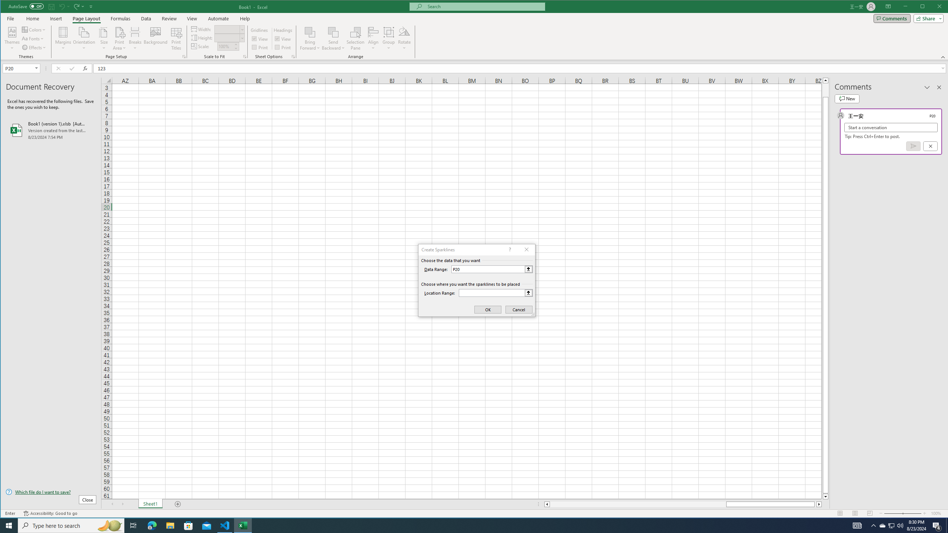 This screenshot has height=533, width=948. I want to click on 'Post comment (Ctrl + Enter)', so click(913, 146).